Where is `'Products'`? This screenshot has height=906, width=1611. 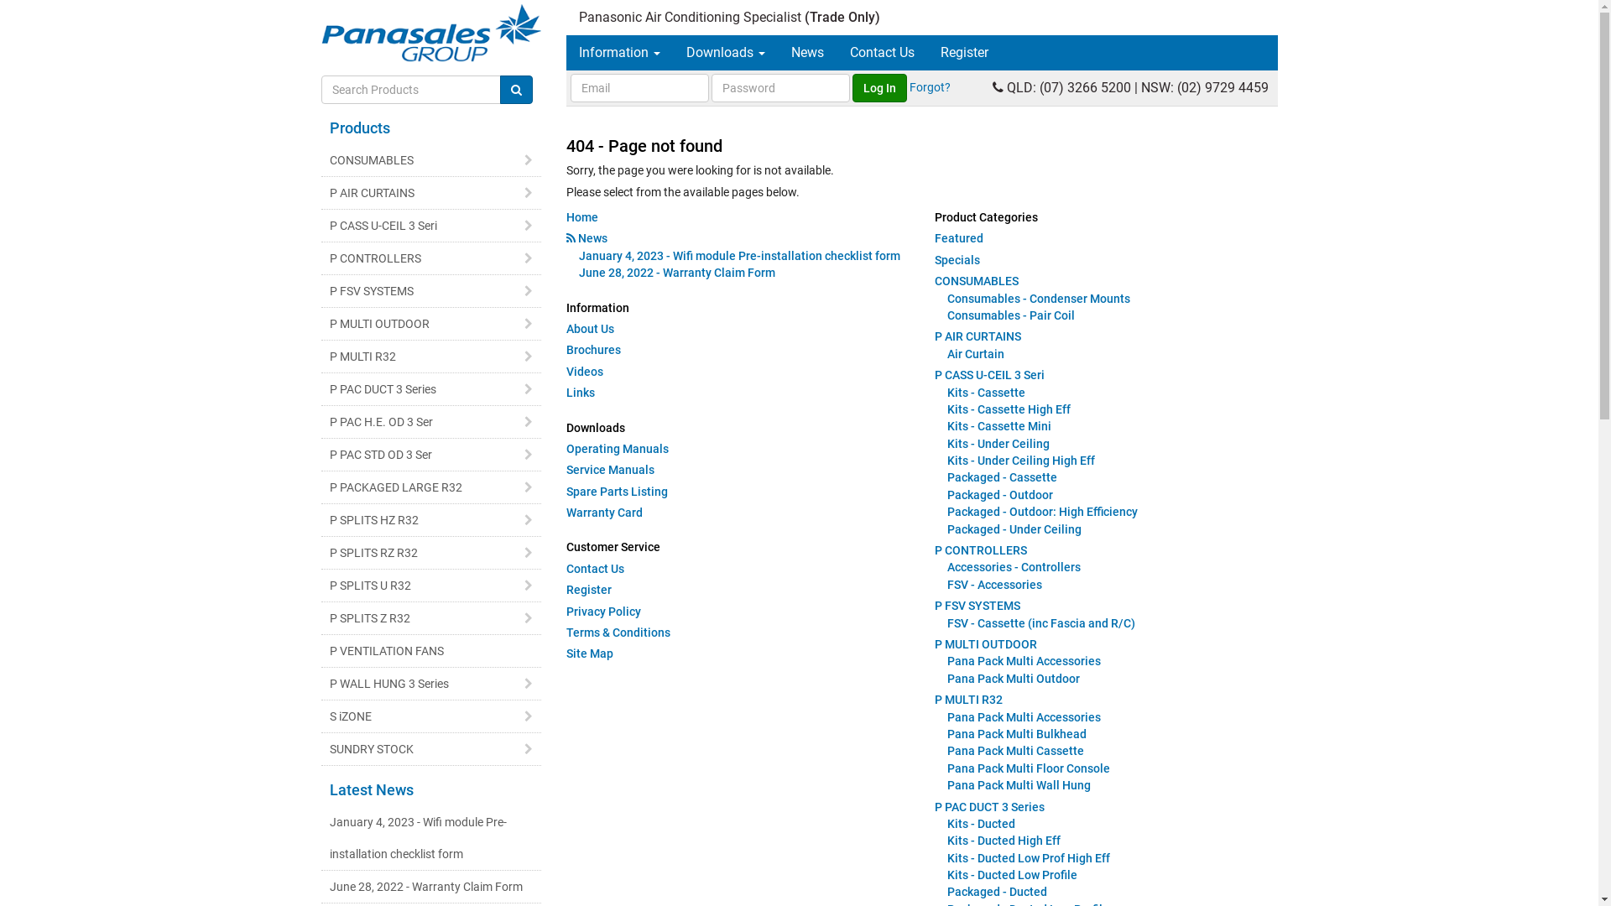 'Products' is located at coordinates (357, 127).